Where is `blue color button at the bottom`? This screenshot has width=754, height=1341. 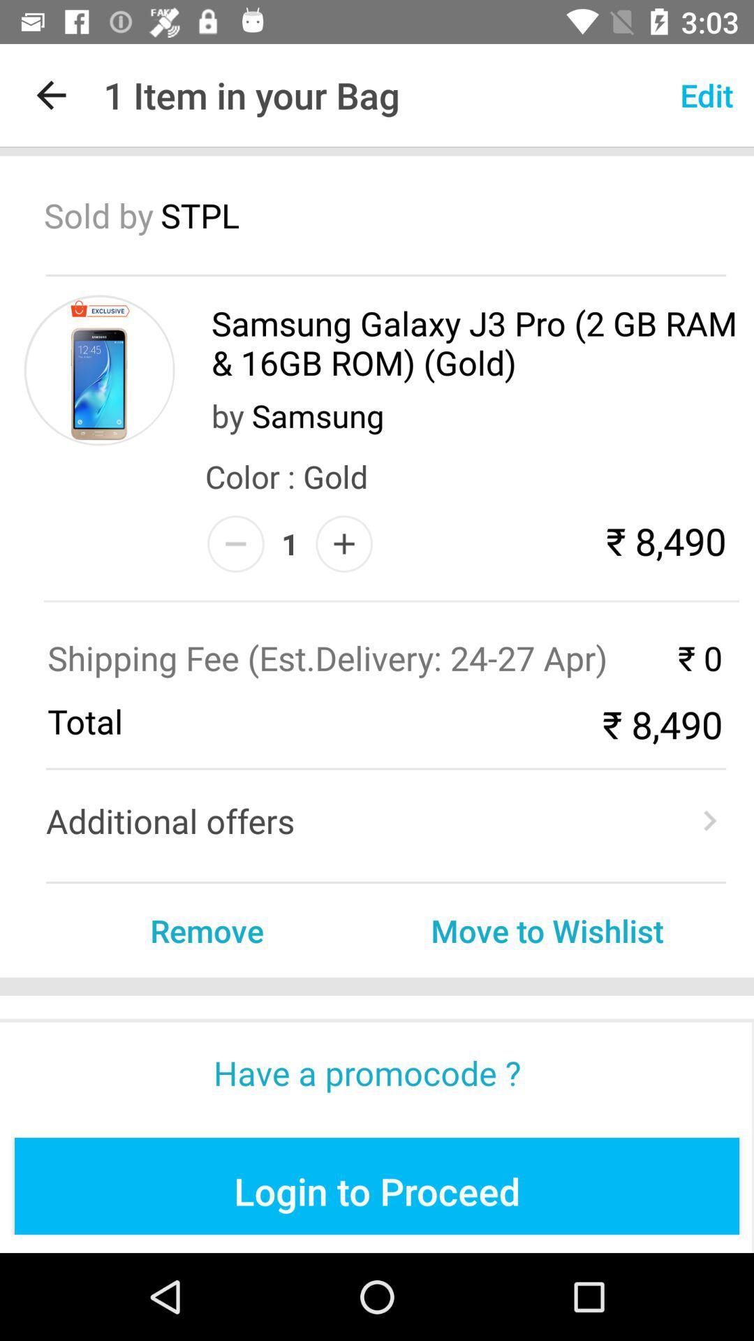 blue color button at the bottom is located at coordinates (377, 1185).